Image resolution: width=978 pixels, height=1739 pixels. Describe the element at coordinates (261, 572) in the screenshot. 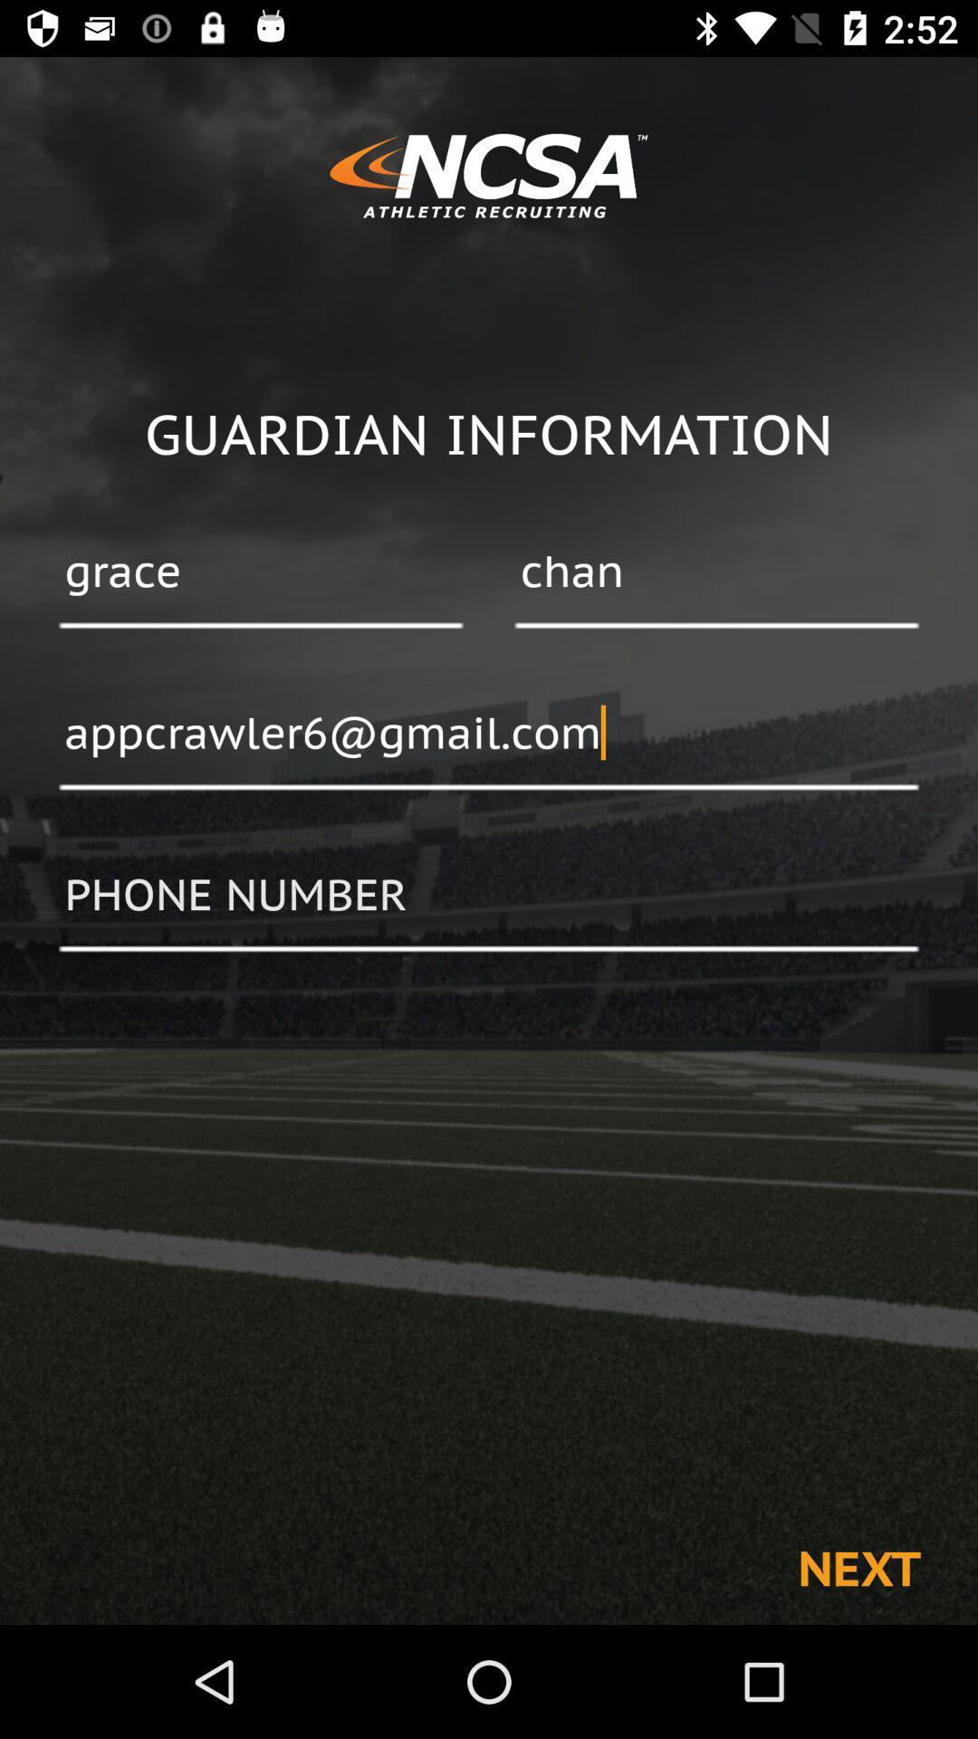

I see `the item below the guardian information item` at that location.